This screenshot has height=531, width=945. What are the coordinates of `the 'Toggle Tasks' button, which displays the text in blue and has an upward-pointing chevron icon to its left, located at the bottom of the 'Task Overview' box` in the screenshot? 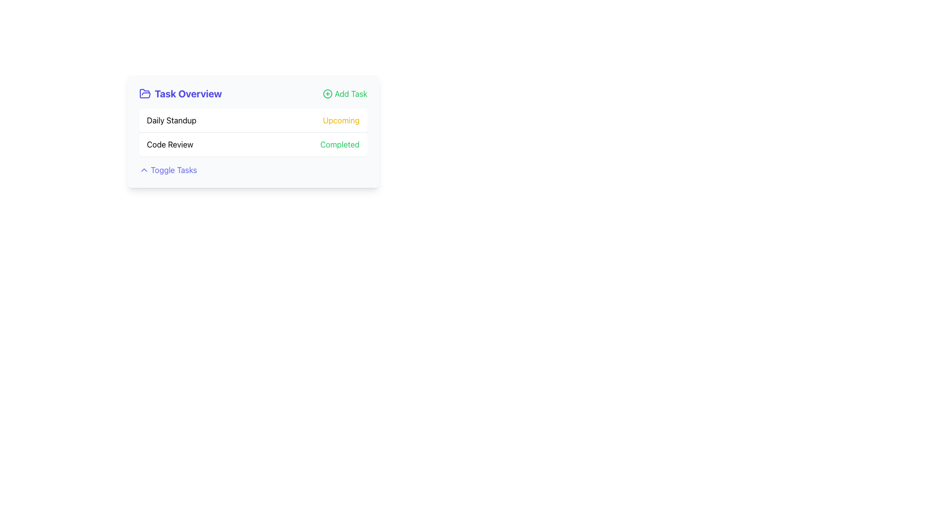 It's located at (168, 170).